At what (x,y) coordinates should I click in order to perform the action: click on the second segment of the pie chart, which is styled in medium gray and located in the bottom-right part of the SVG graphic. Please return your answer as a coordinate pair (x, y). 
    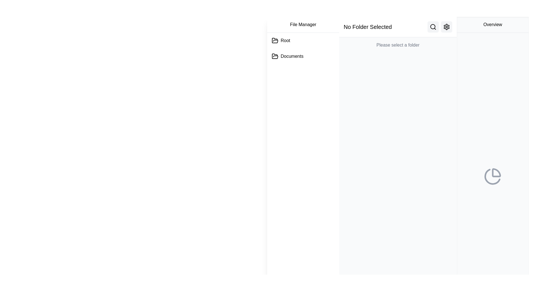
    Looking at the image, I should click on (492, 176).